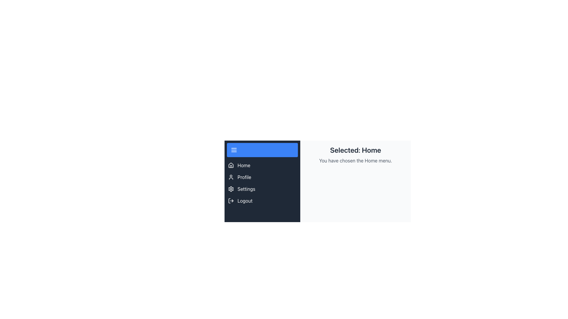  I want to click on the gear icon in the left-hand navigation menu, so click(231, 189).